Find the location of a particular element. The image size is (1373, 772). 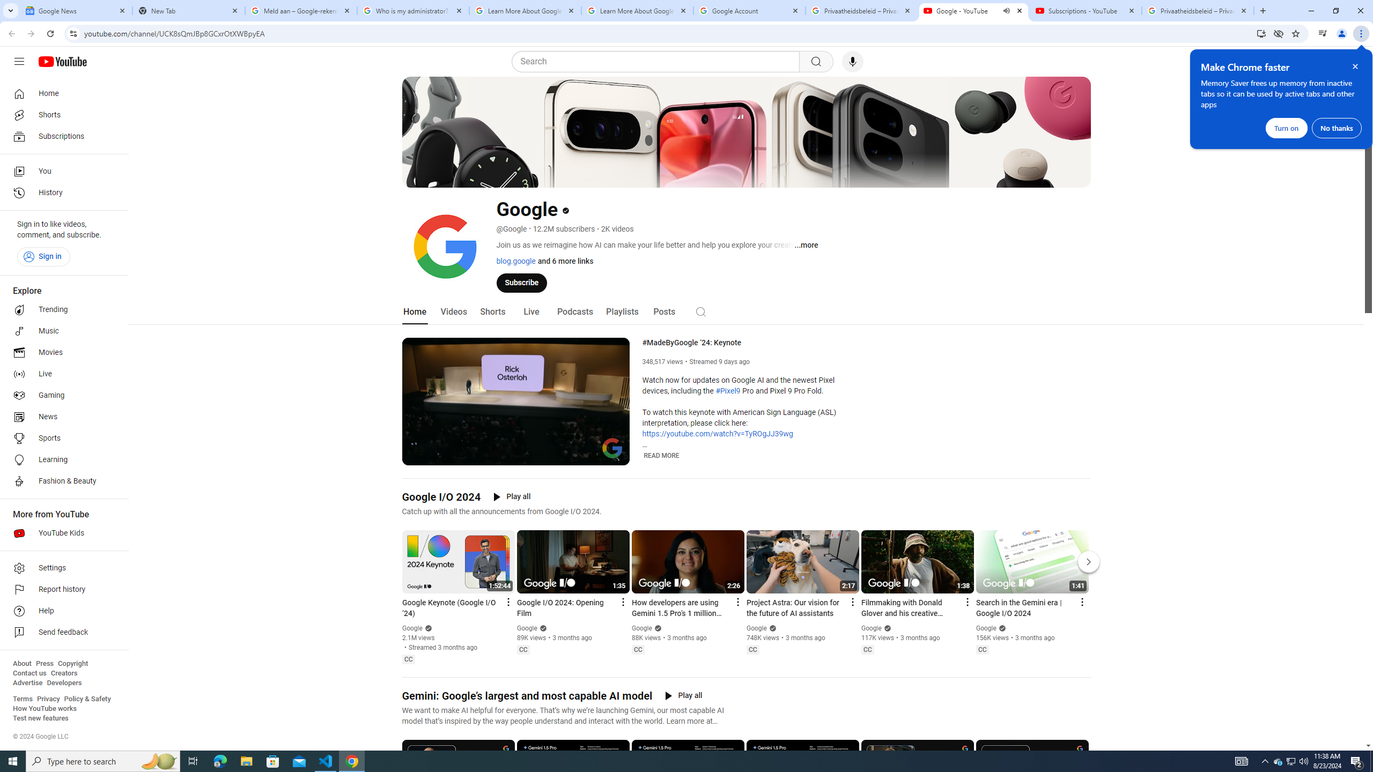

'Home' is located at coordinates (61, 93).